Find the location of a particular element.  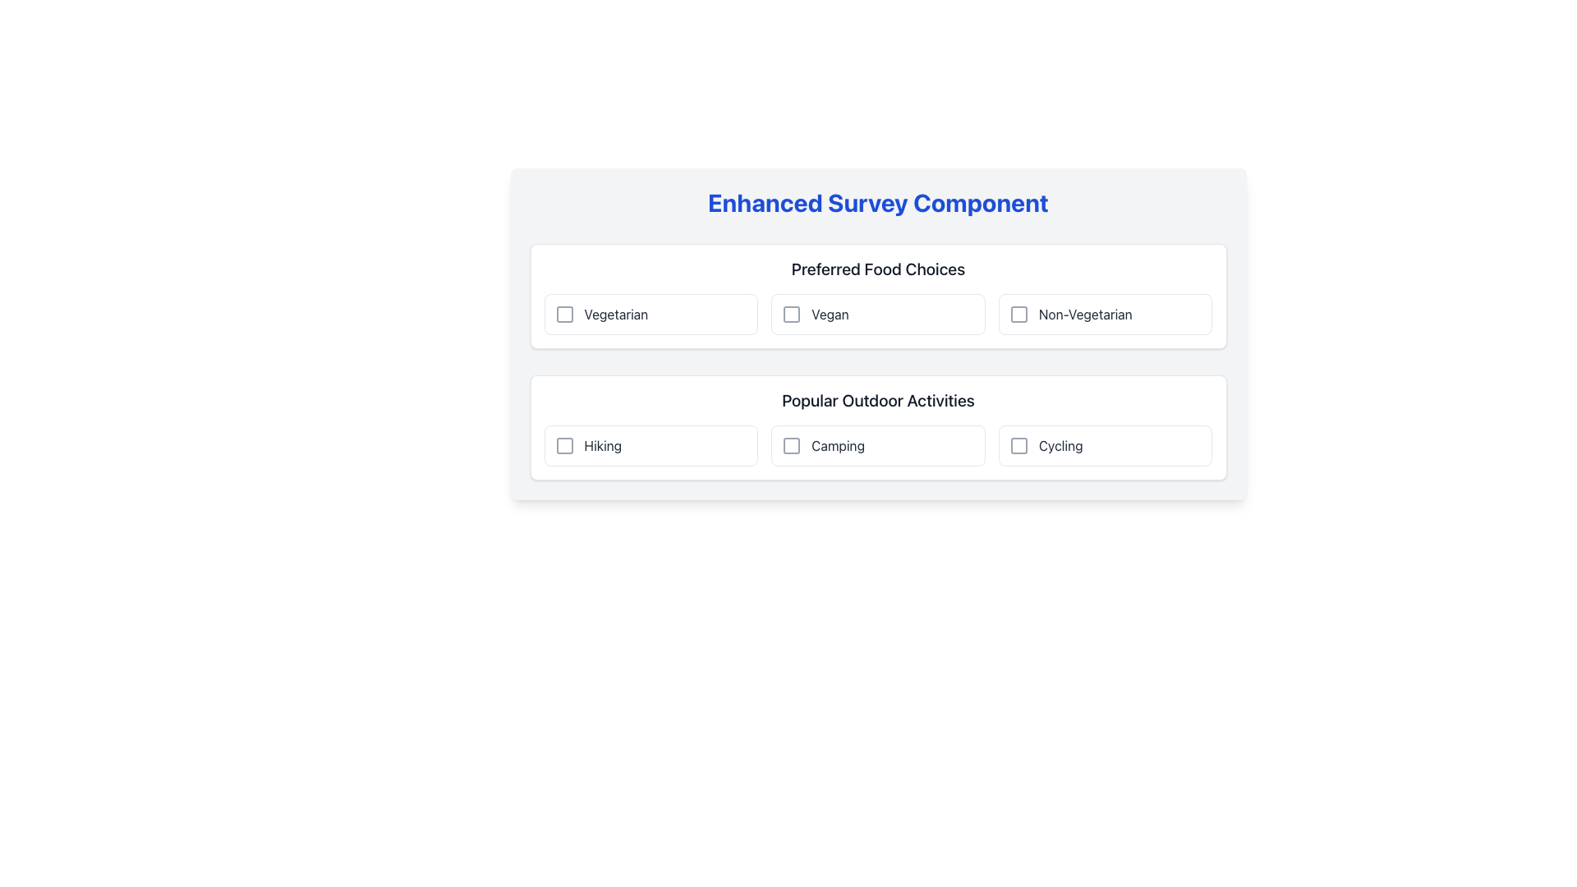

the gray square outline of the unchecked checkbox located to the left of the text 'Hiking' in the 'Popular Outdoor Activities' section of the form is located at coordinates (564, 446).